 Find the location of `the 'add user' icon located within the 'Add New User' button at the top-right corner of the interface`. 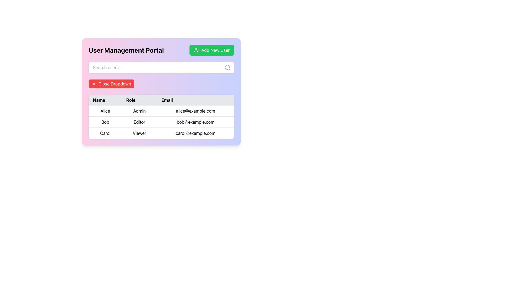

the 'add user' icon located within the 'Add New User' button at the top-right corner of the interface is located at coordinates (196, 50).